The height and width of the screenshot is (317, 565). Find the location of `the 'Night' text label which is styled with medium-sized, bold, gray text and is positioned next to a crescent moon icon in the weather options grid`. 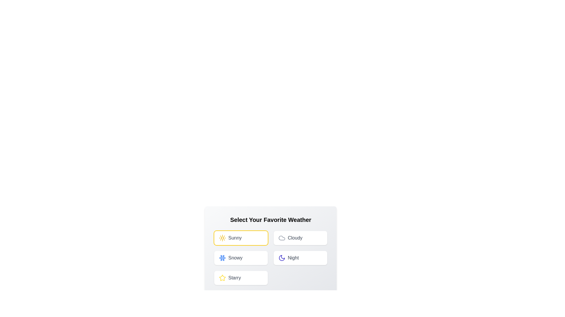

the 'Night' text label which is styled with medium-sized, bold, gray text and is positioned next to a crescent moon icon in the weather options grid is located at coordinates (293, 258).